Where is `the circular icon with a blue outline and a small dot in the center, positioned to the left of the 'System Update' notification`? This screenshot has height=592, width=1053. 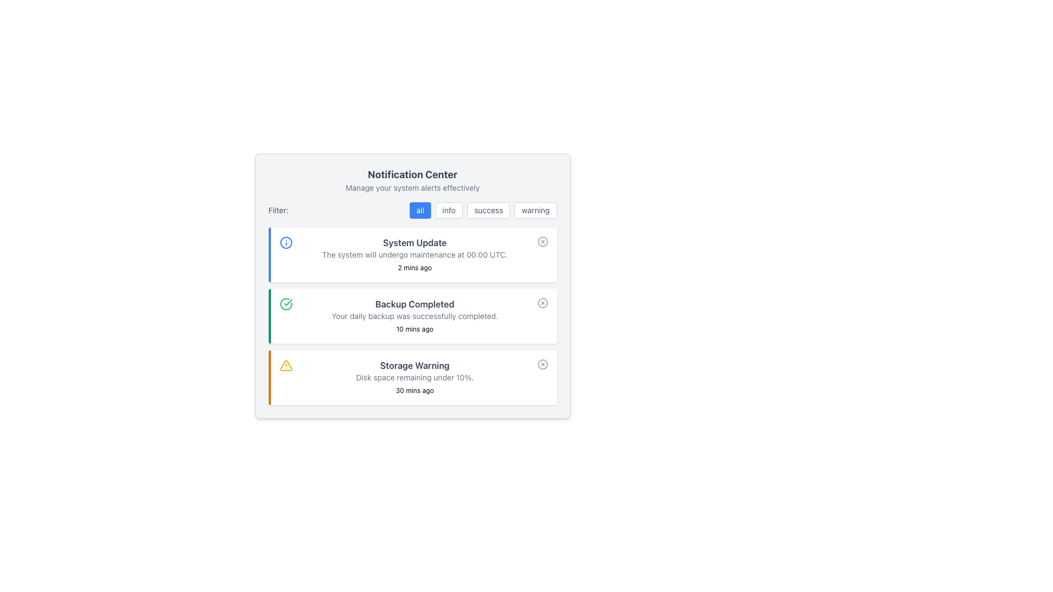
the circular icon with a blue outline and a small dot in the center, positioned to the left of the 'System Update' notification is located at coordinates (286, 242).